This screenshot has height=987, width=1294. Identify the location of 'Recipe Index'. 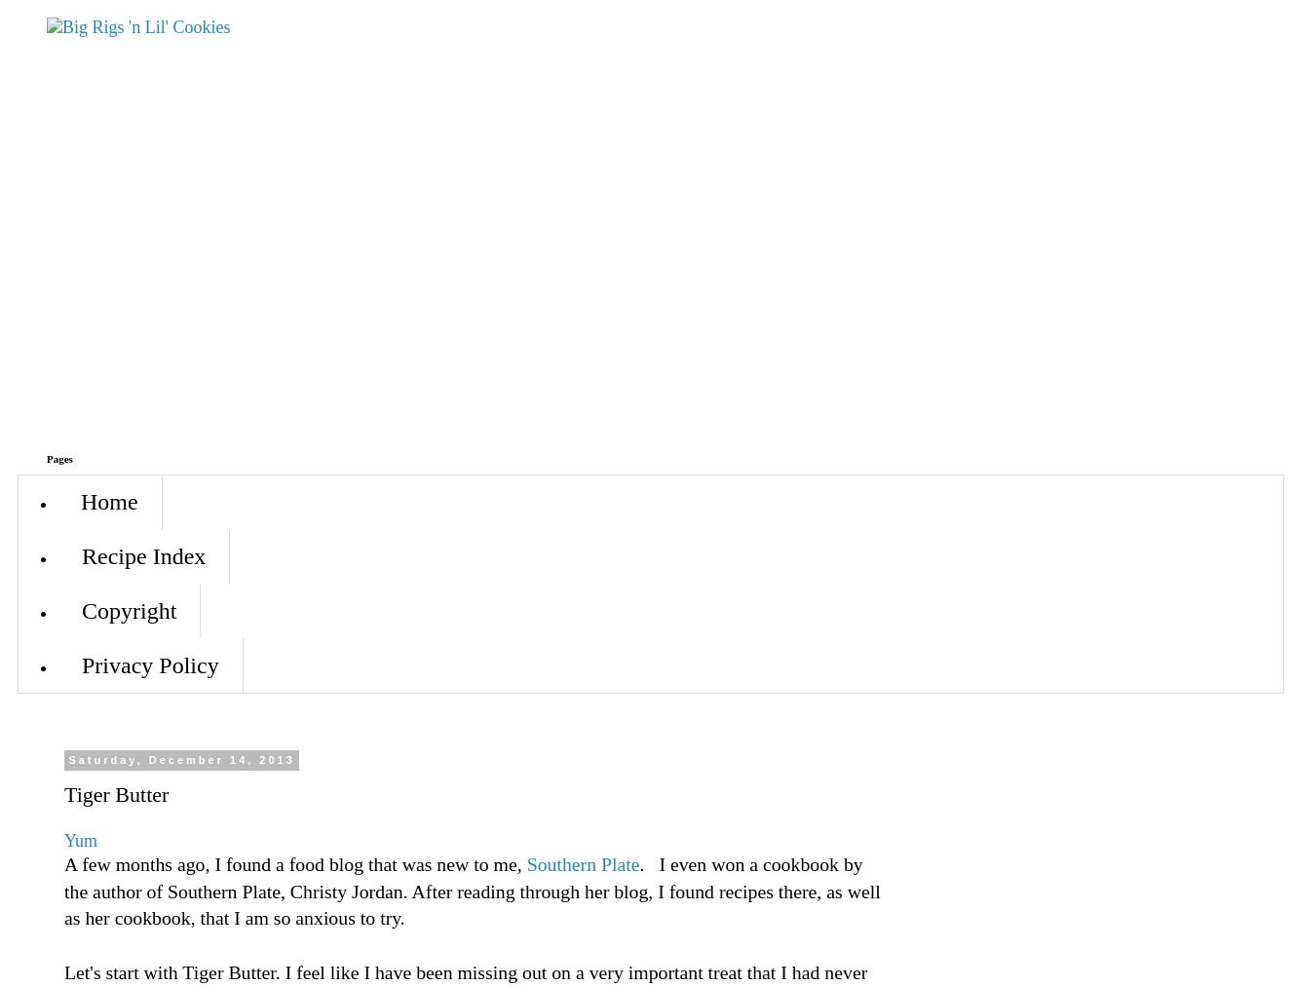
(82, 556).